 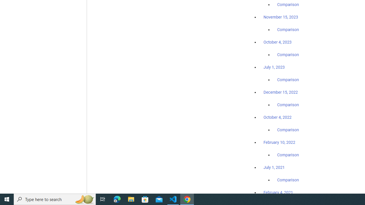 I want to click on 'File Explorer', so click(x=131, y=199).